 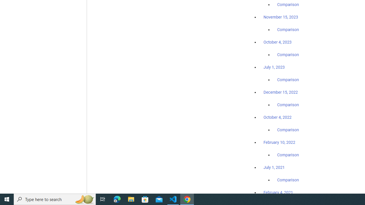 I want to click on 'File Explorer', so click(x=131, y=199).